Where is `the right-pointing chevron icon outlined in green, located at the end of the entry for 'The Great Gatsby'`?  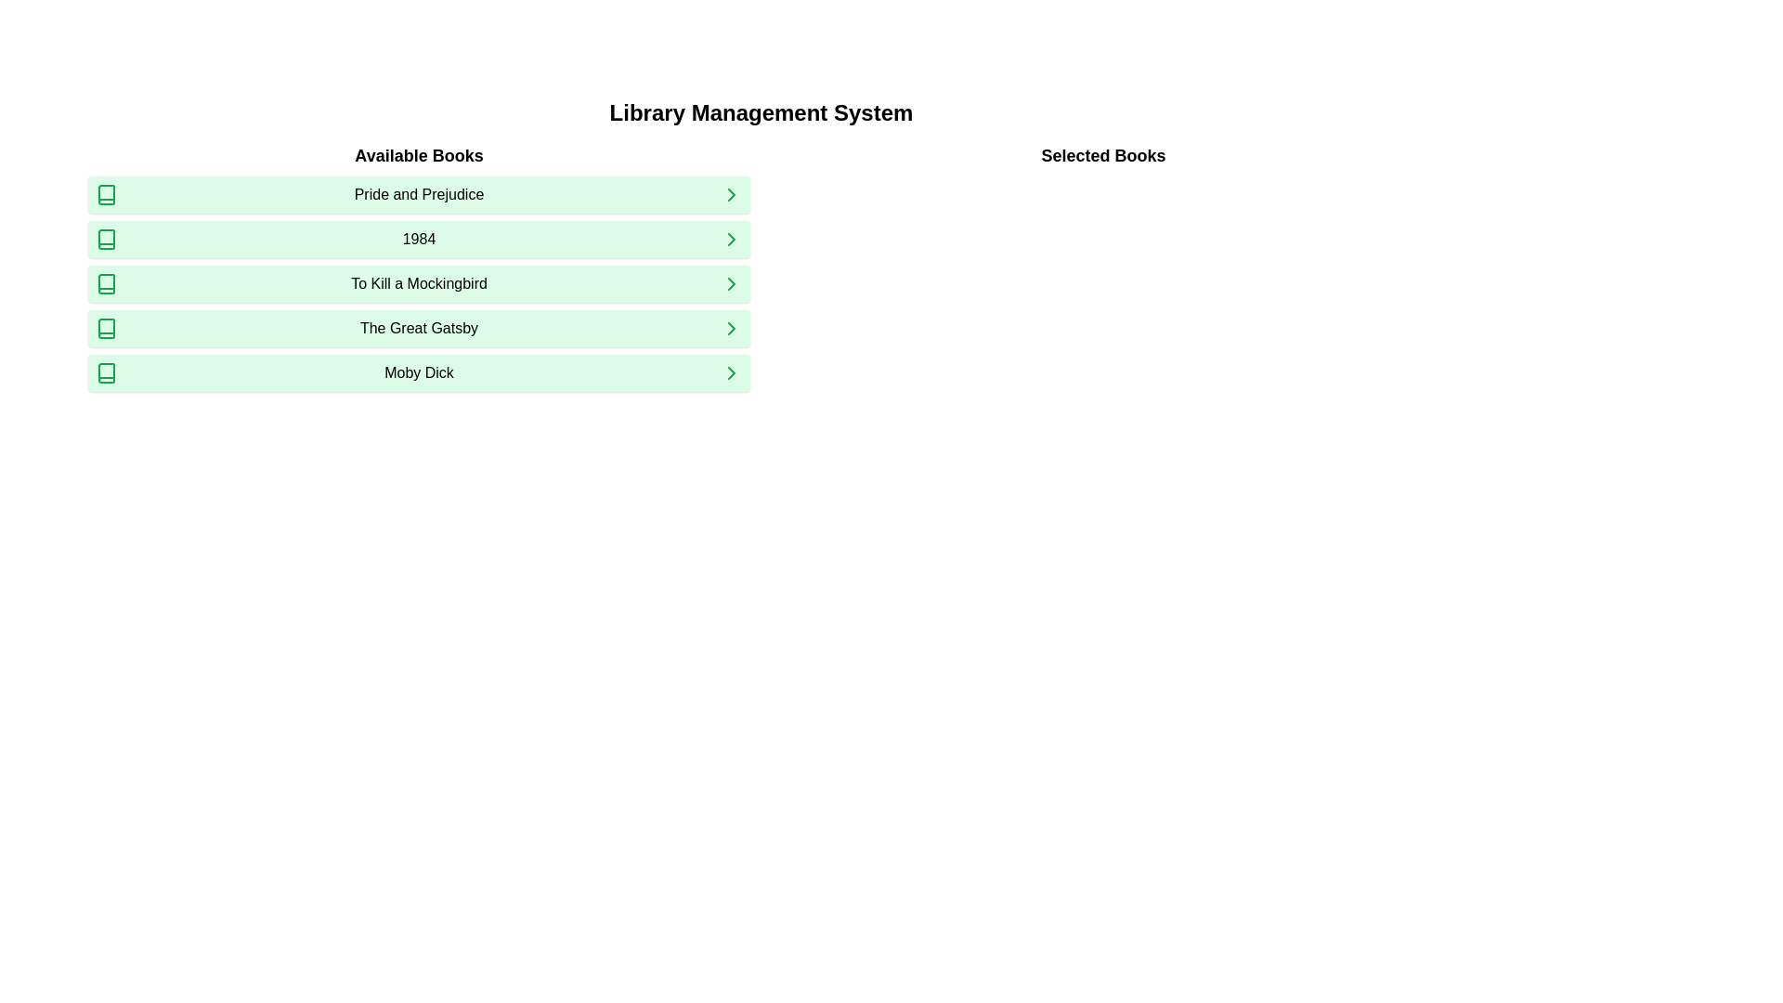
the right-pointing chevron icon outlined in green, located at the end of the entry for 'The Great Gatsby' is located at coordinates (730, 328).